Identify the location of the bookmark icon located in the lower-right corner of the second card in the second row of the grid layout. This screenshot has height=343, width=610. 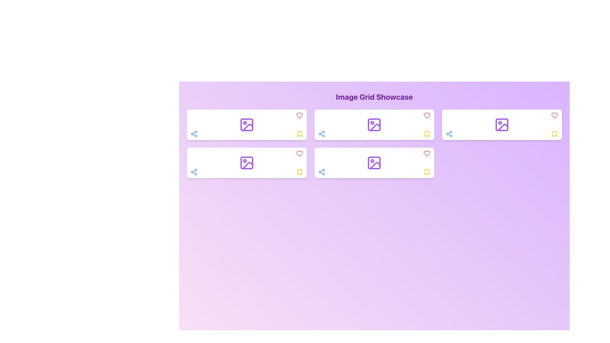
(427, 172).